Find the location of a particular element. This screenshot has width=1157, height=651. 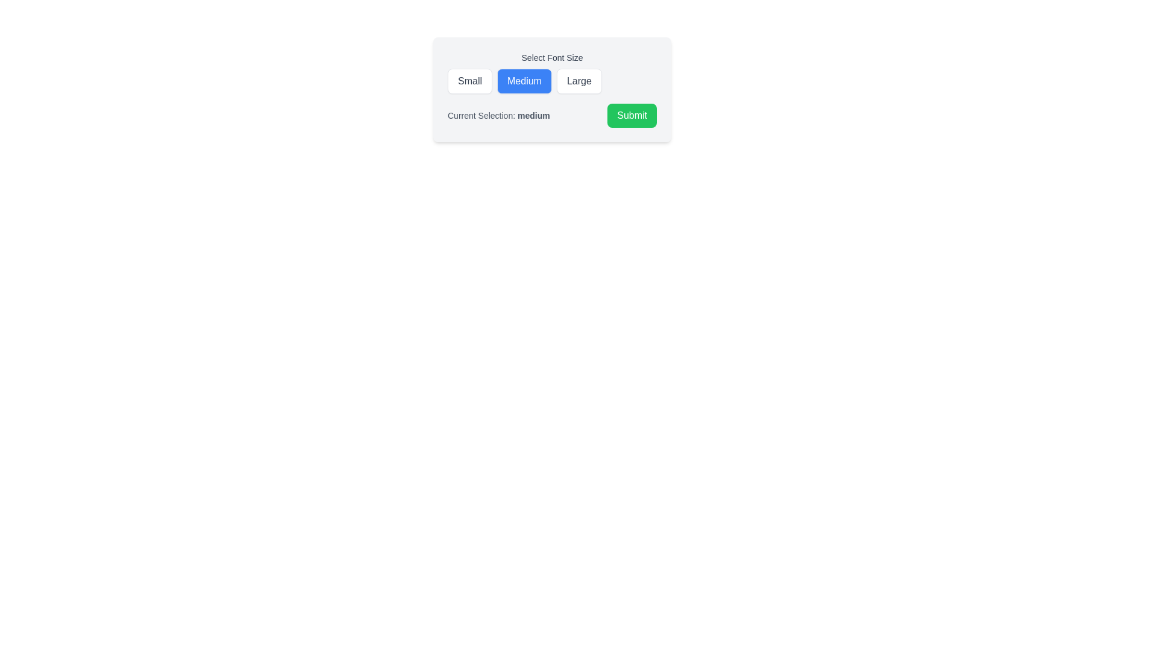

the text label that indicates the user's current selection, positioned below the font size selection buttons and to the left of the 'Submit' button is located at coordinates (533, 116).